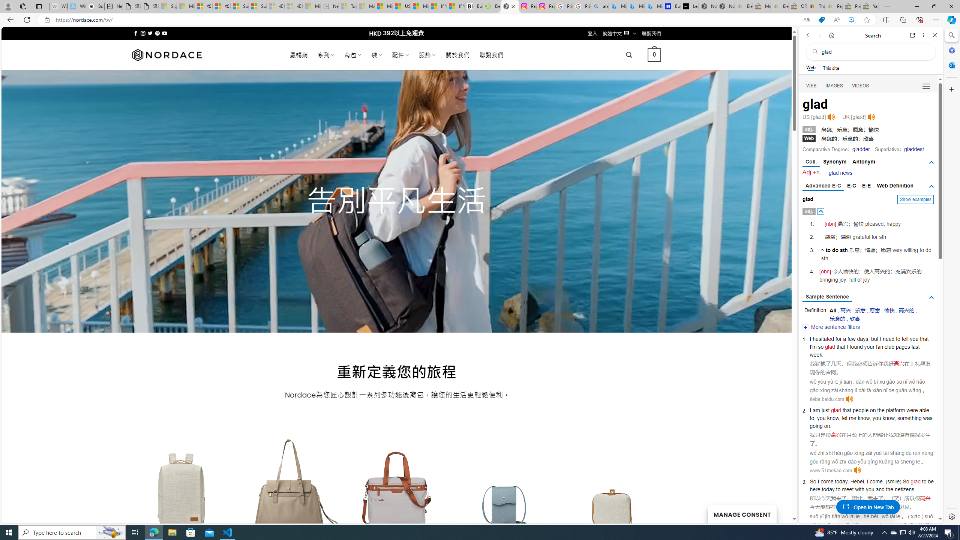  What do you see at coordinates (365, 6) in the screenshot?
I see `'Marine life - MSN - Sleeping'` at bounding box center [365, 6].